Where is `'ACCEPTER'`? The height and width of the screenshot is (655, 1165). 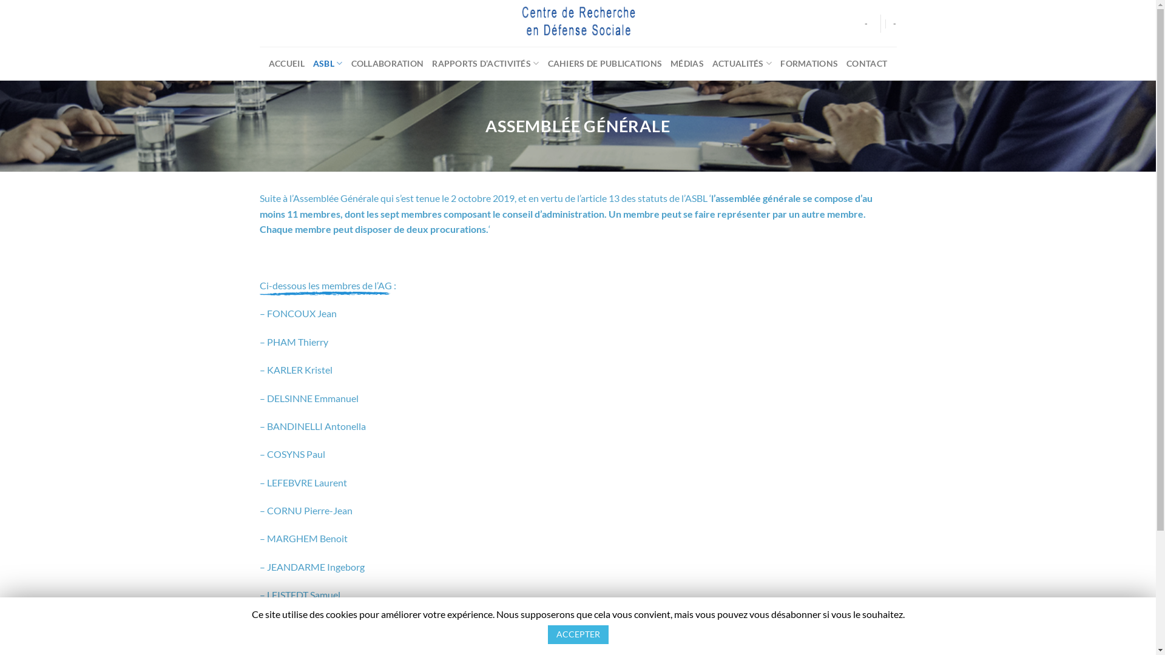 'ACCEPTER' is located at coordinates (576, 634).